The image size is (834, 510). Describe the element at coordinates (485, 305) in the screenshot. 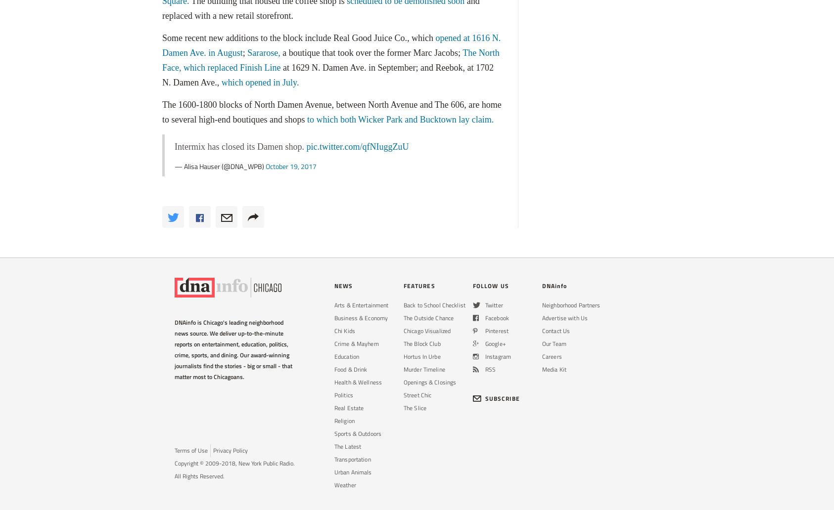

I see `'Twitter'` at that location.